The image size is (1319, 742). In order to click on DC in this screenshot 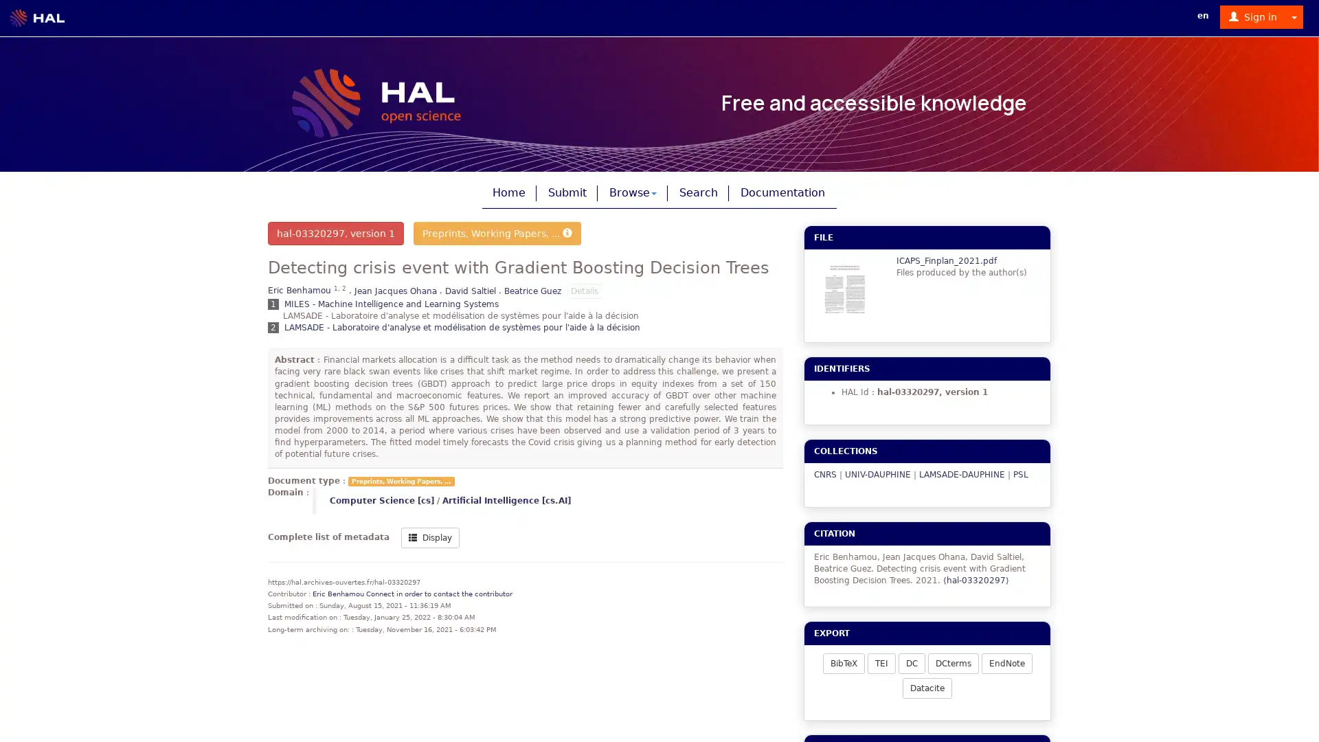, I will do `click(911, 662)`.